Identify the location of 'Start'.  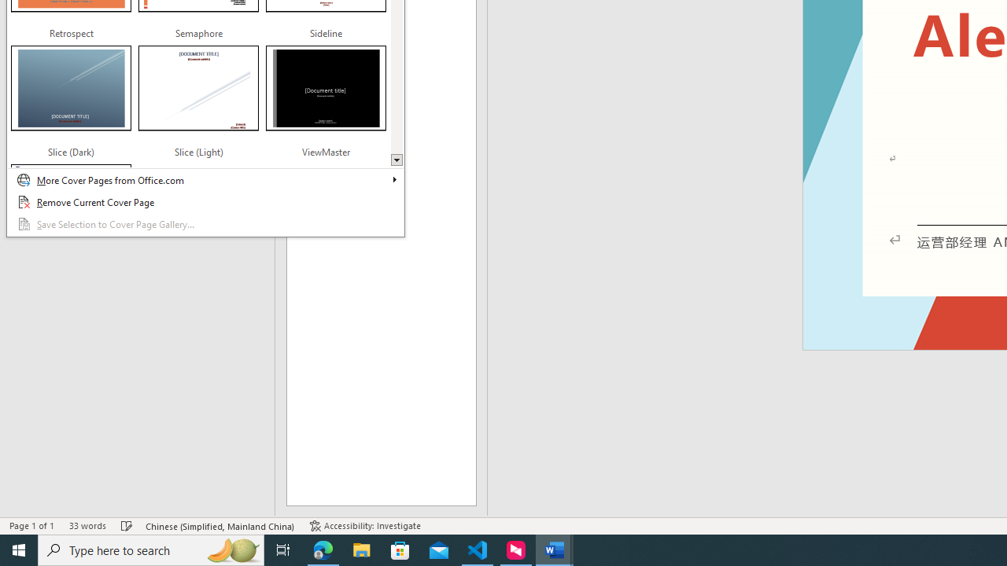
(19, 549).